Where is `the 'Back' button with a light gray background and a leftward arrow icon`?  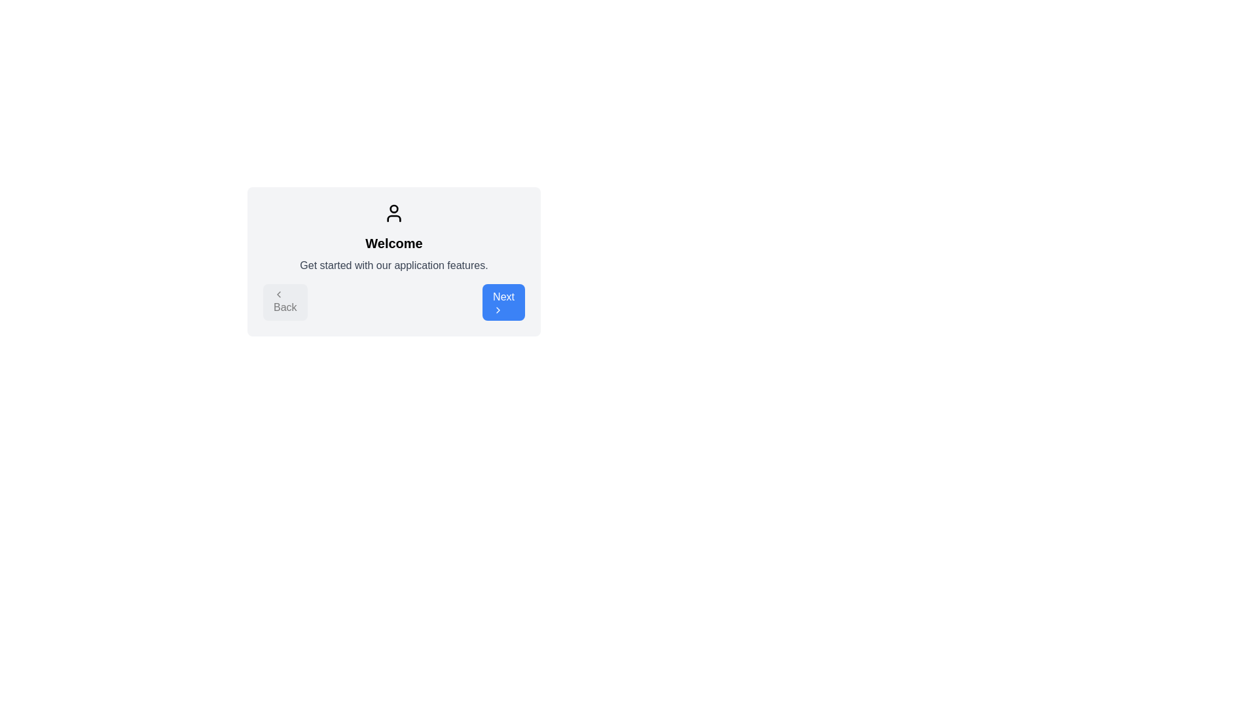 the 'Back' button with a light gray background and a leftward arrow icon is located at coordinates (284, 302).